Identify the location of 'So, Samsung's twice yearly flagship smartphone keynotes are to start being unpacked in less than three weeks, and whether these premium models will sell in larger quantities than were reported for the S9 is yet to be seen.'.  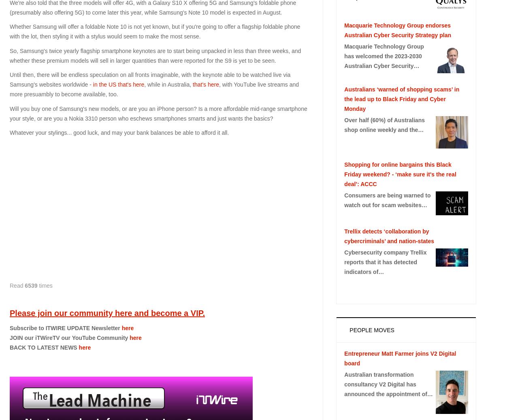
(155, 55).